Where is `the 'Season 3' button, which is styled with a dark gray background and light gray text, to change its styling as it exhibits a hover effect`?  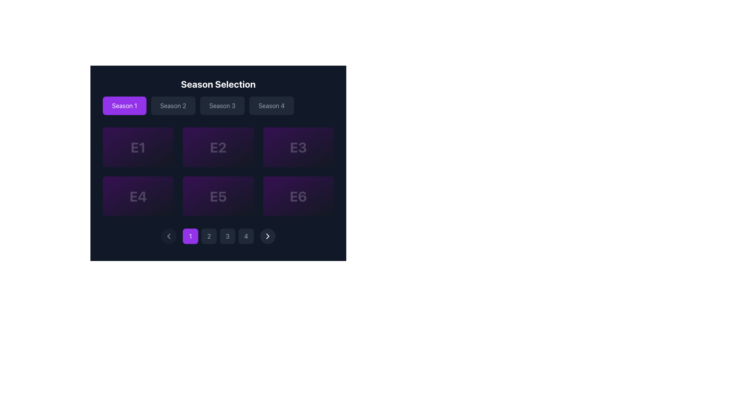 the 'Season 3' button, which is styled with a dark gray background and light gray text, to change its styling as it exhibits a hover effect is located at coordinates (222, 105).